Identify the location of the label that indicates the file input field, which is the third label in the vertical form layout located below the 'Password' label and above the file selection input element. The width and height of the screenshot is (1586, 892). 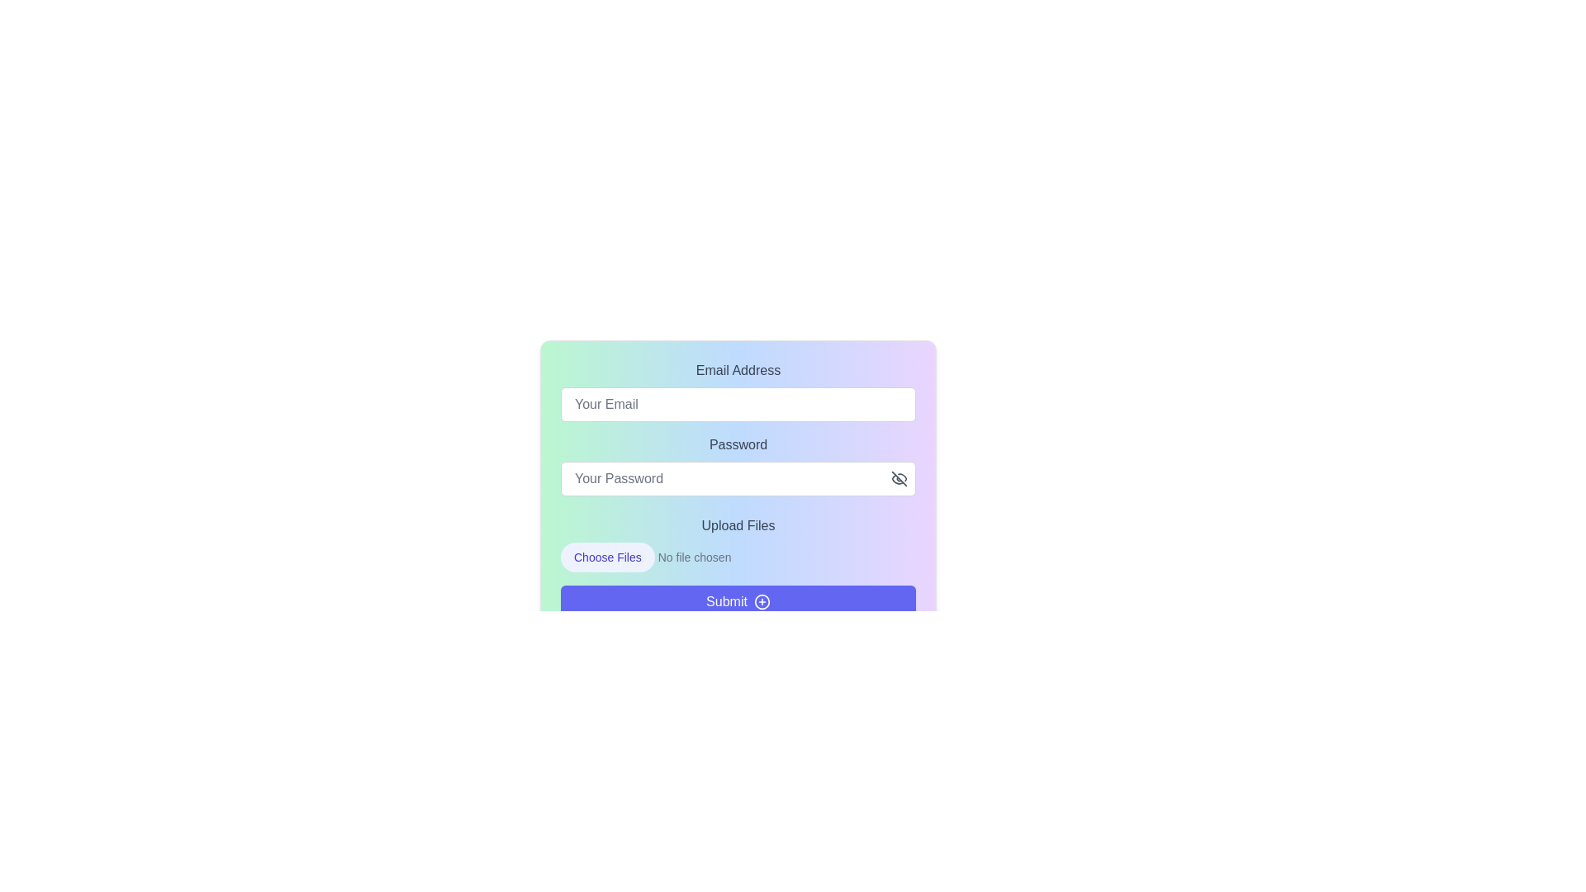
(737, 525).